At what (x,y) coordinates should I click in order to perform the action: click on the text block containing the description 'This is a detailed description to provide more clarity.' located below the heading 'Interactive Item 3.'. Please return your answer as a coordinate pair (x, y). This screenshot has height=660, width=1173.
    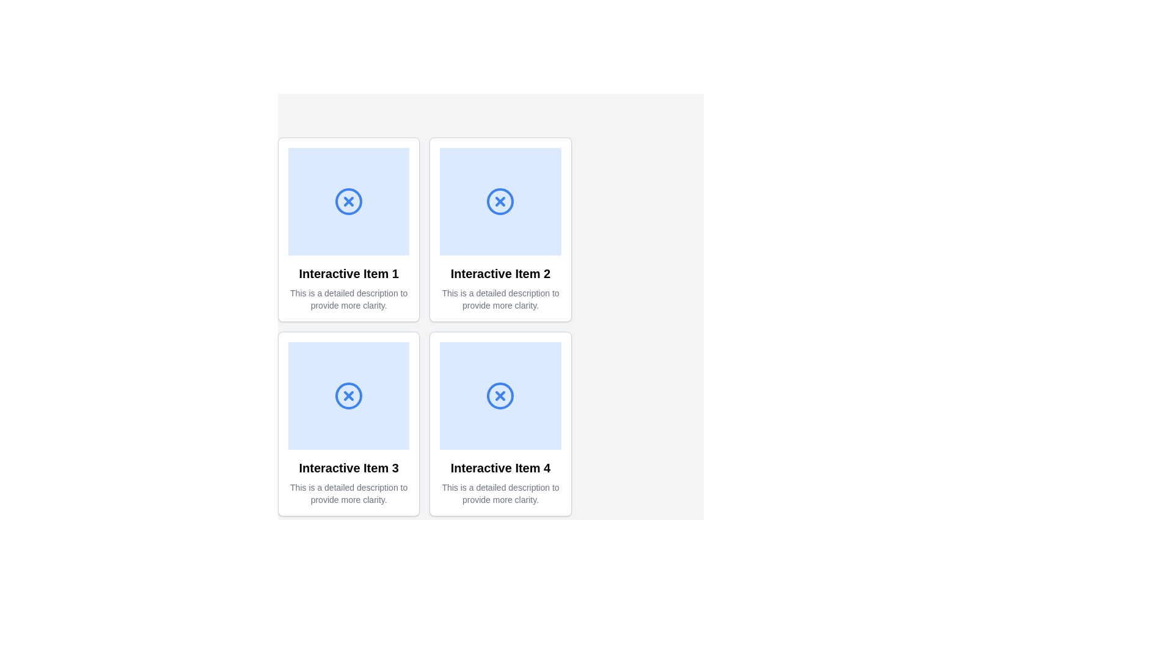
    Looking at the image, I should click on (348, 493).